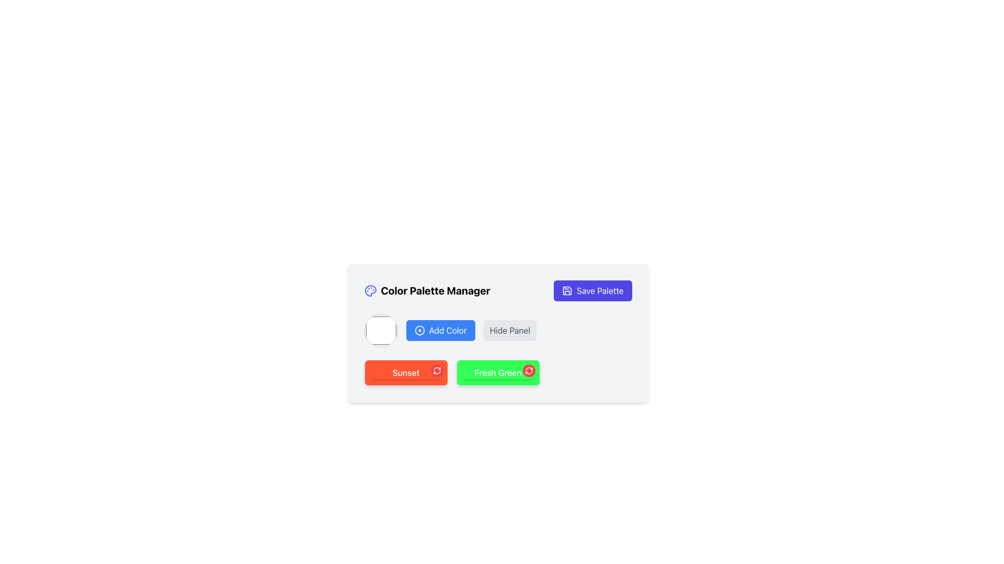 The image size is (1004, 564). I want to click on the 'Add Color' button, which is a prominent rectangular button with a blue background and white text, featuring a white disc icon on the left side, so click(440, 330).